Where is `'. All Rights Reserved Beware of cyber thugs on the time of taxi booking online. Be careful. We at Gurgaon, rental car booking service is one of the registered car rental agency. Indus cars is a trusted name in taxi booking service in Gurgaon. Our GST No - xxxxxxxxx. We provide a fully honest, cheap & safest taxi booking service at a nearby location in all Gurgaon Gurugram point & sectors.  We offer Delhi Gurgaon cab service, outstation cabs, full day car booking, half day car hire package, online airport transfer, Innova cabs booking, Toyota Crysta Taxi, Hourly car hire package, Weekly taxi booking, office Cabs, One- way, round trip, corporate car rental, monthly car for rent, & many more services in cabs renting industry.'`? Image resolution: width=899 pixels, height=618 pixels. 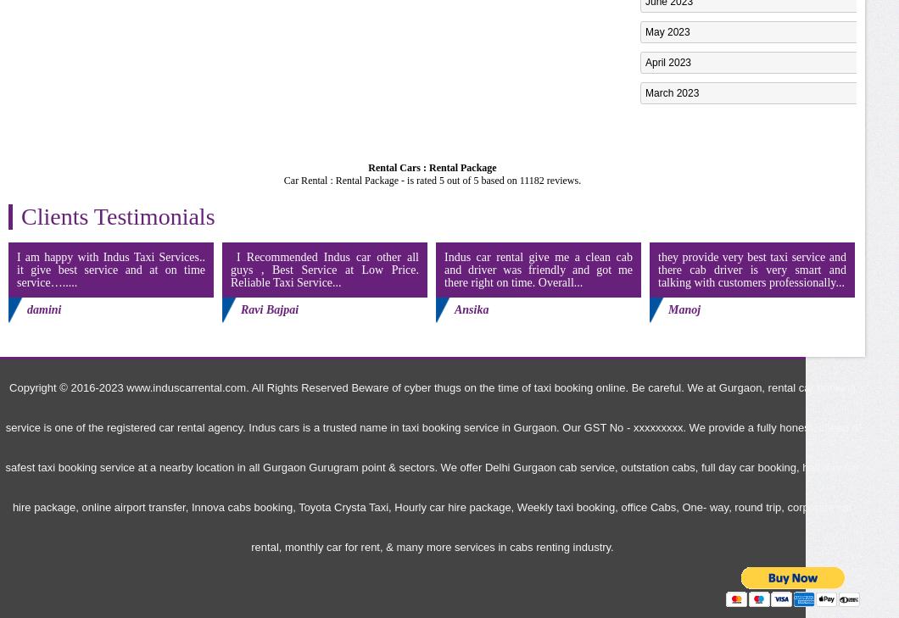
'. All Rights Reserved Beware of cyber thugs on the time of taxi booking online. Be careful. We at Gurgaon, rental car booking service is one of the registered car rental agency. Indus cars is a trusted name in taxi booking service in Gurgaon. Our GST No - xxxxxxxxx. We provide a fully honest, cheap & safest taxi booking service at a nearby location in all Gurgaon Gurugram point & sectors.  We offer Delhi Gurgaon cab service, outstation cabs, full day car booking, half day car hire package, online airport transfer, Innova cabs booking, Toyota Crysta Taxi, Hourly car hire package, Weekly taxi booking, office Cabs, One- way, round trip, corporate car rental, monthly car for rent, & many more services in cabs renting industry.' is located at coordinates (5, 467).